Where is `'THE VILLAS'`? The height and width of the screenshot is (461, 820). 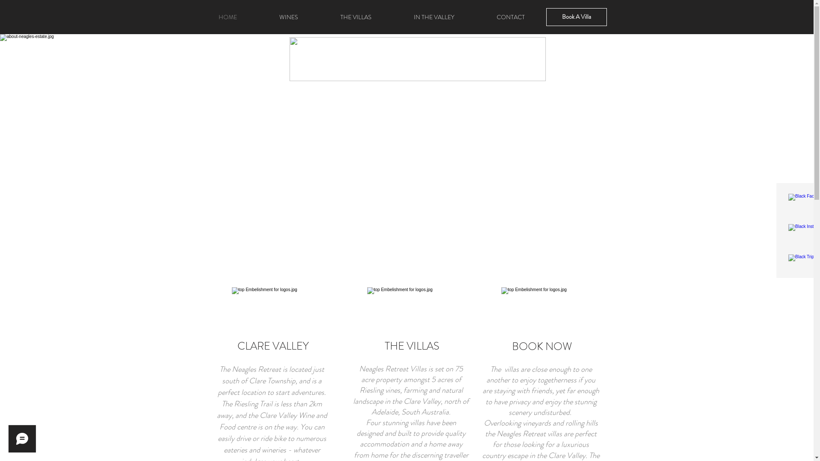 'THE VILLAS' is located at coordinates (356, 17).